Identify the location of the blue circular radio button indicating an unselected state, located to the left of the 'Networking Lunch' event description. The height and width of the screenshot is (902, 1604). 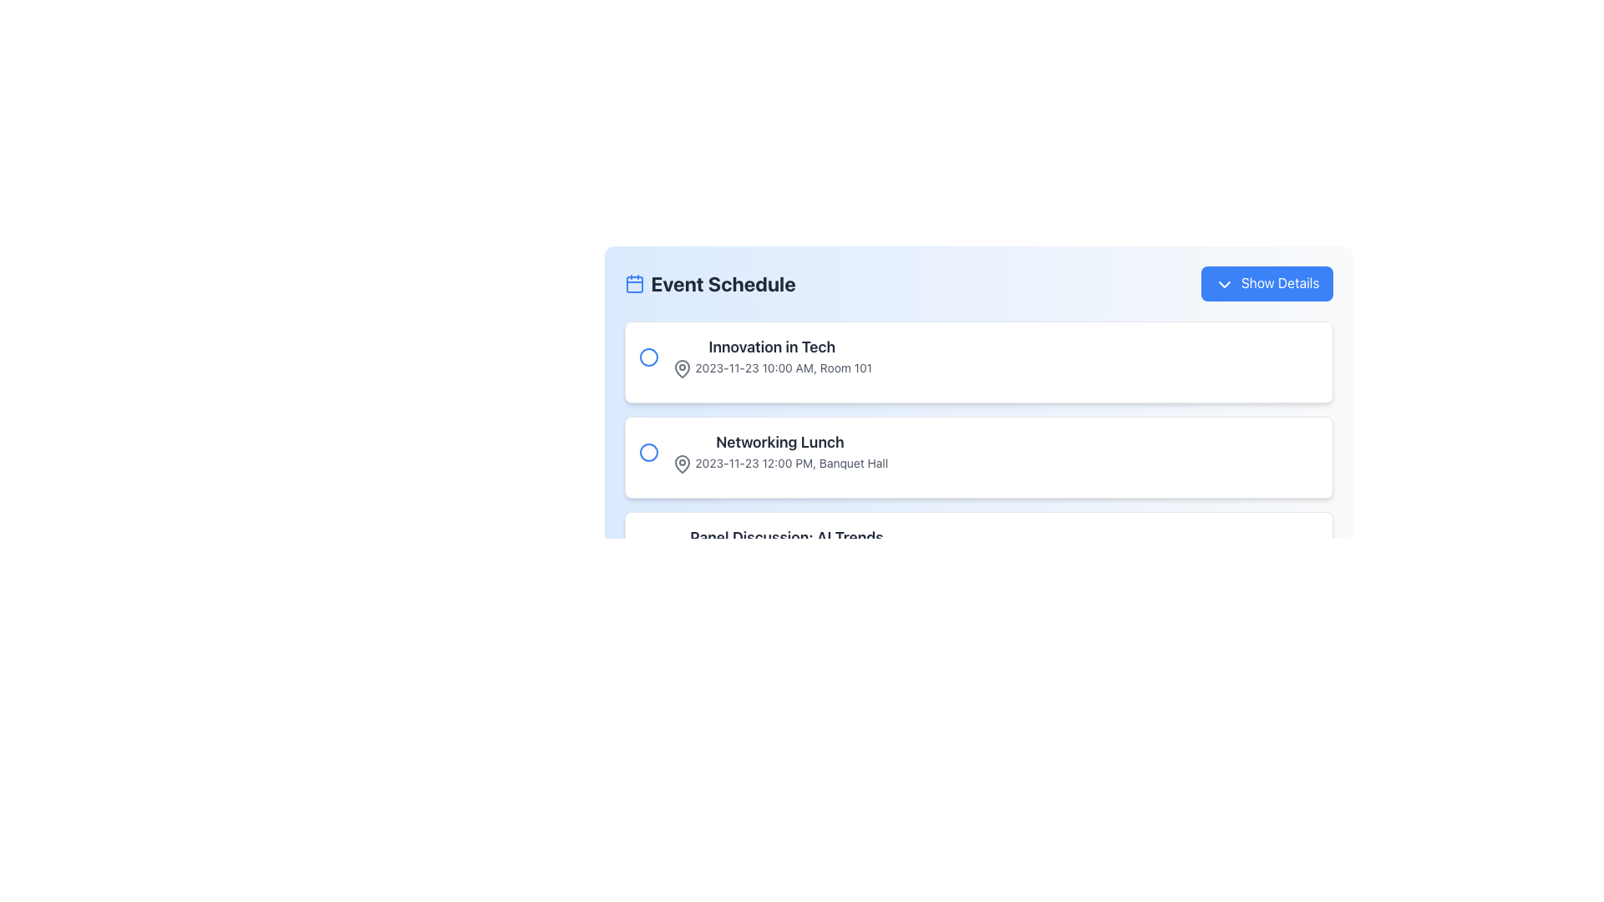
(647, 452).